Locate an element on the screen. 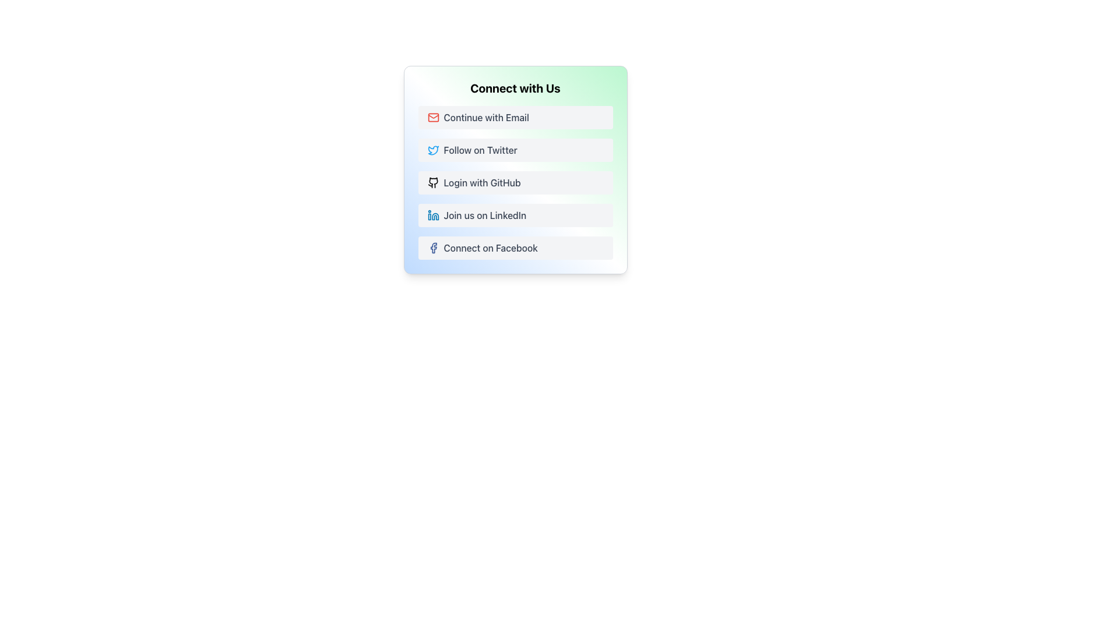 Image resolution: width=1119 pixels, height=629 pixels. the vector graphic component of the envelope icon located to the left of the 'Continue with Email' button in the 'Connect with Us' section is located at coordinates (432, 117).